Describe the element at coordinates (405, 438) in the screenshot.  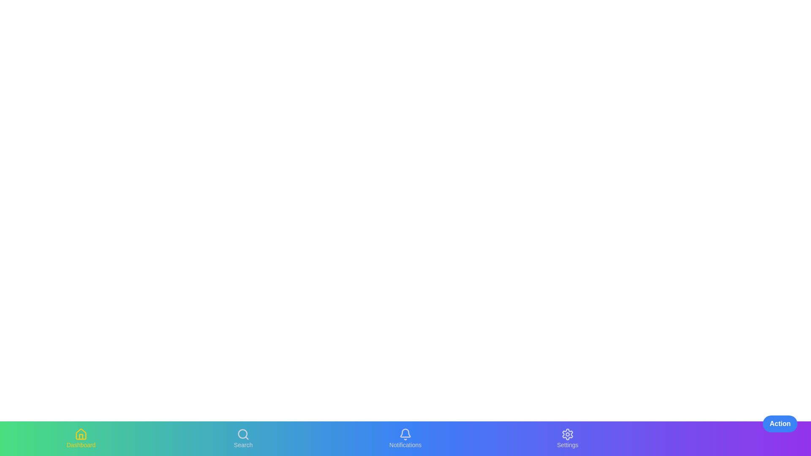
I see `the navigation item labeled Notifications from the bottom bar` at that location.